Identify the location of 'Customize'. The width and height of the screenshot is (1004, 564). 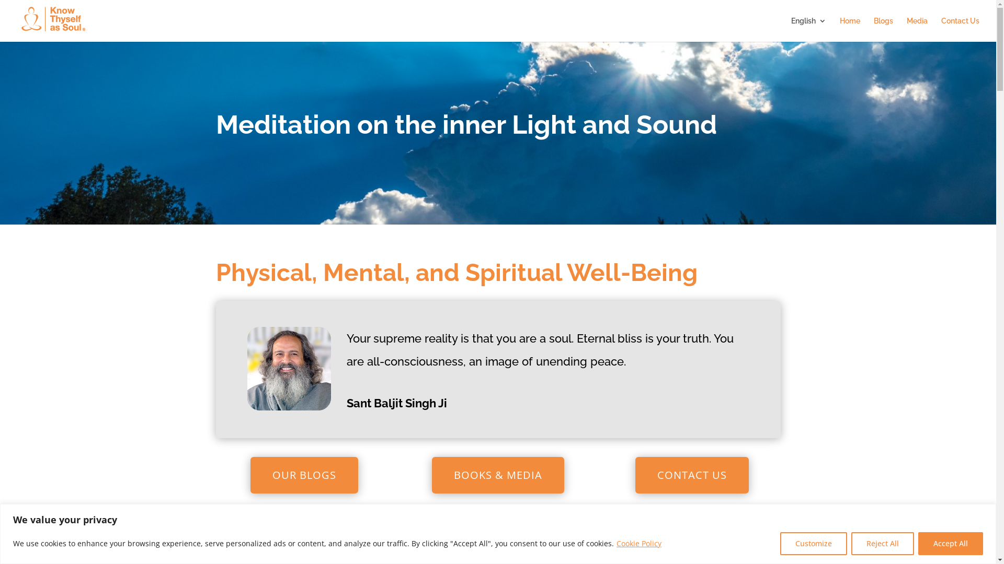
(813, 543).